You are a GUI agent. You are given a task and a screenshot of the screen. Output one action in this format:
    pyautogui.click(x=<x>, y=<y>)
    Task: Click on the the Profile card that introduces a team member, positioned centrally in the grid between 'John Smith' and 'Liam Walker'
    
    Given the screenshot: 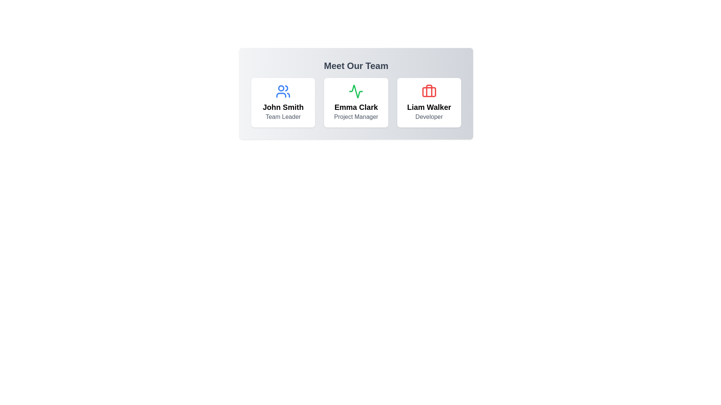 What is the action you would take?
    pyautogui.click(x=356, y=102)
    